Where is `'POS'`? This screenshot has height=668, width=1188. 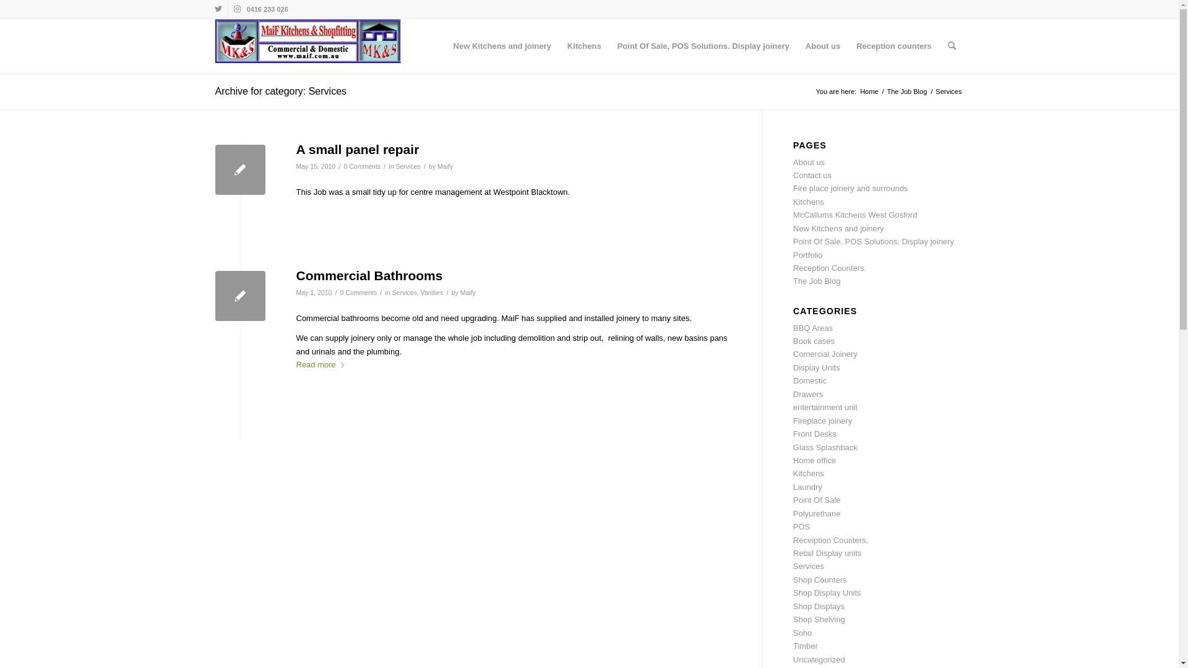 'POS' is located at coordinates (801, 526).